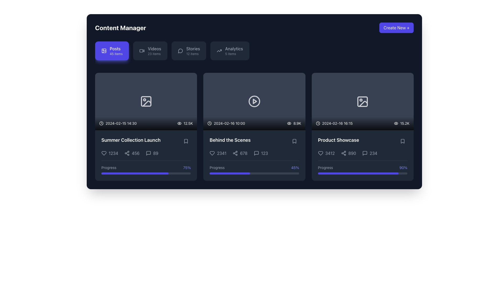 Image resolution: width=503 pixels, height=283 pixels. I want to click on the Text and icon combination displaying '123' with a speech bubble icon, located in the bottom section of the 'Behind the Scenes' card, so click(261, 153).